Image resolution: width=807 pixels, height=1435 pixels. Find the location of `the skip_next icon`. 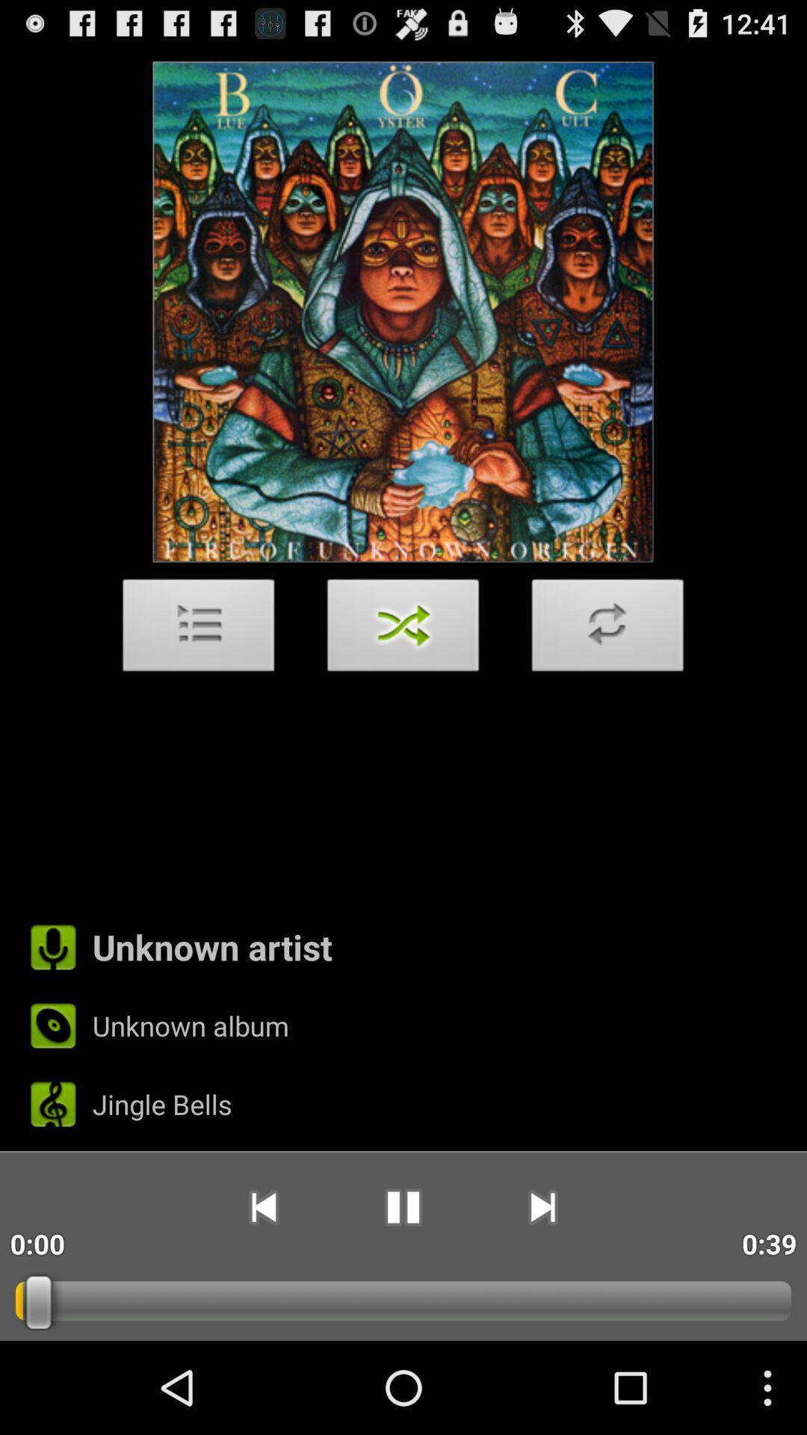

the skip_next icon is located at coordinates (542, 1291).